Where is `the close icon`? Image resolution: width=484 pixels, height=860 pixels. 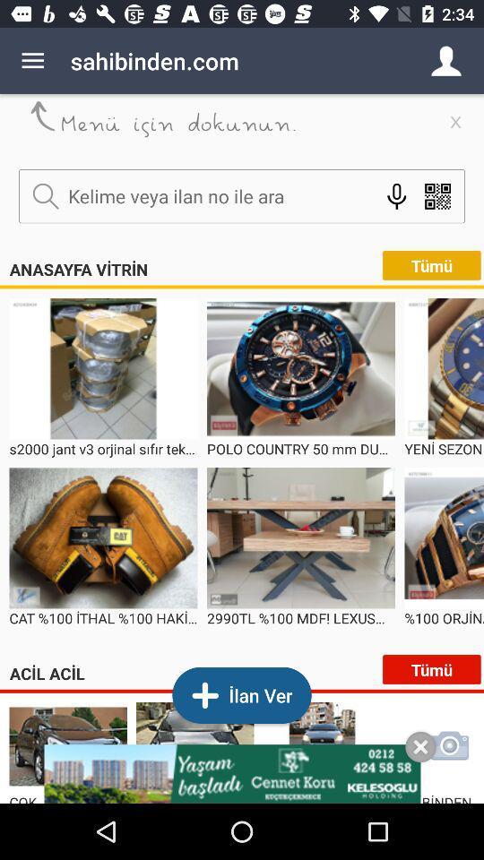
the close icon is located at coordinates (455, 121).